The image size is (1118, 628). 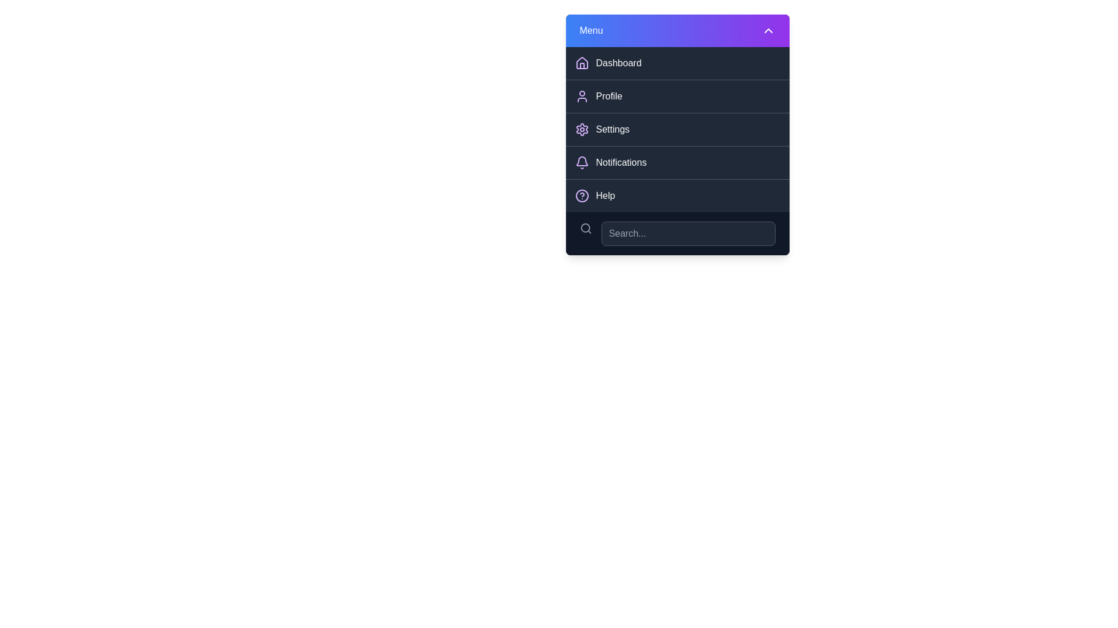 I want to click on the house-shaped icon representing the 'Dashboard' section of the menu, so click(x=582, y=63).